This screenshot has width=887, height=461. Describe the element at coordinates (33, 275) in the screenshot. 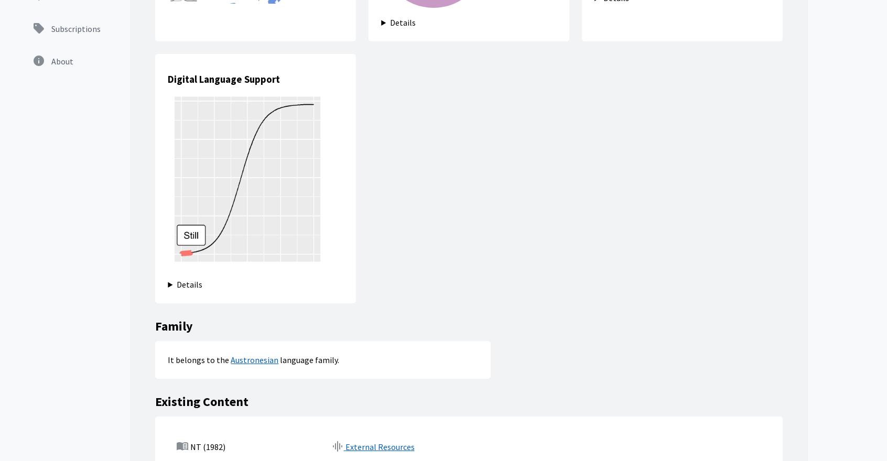

I see `'The most authoritative source on the languages of the world.'` at that location.